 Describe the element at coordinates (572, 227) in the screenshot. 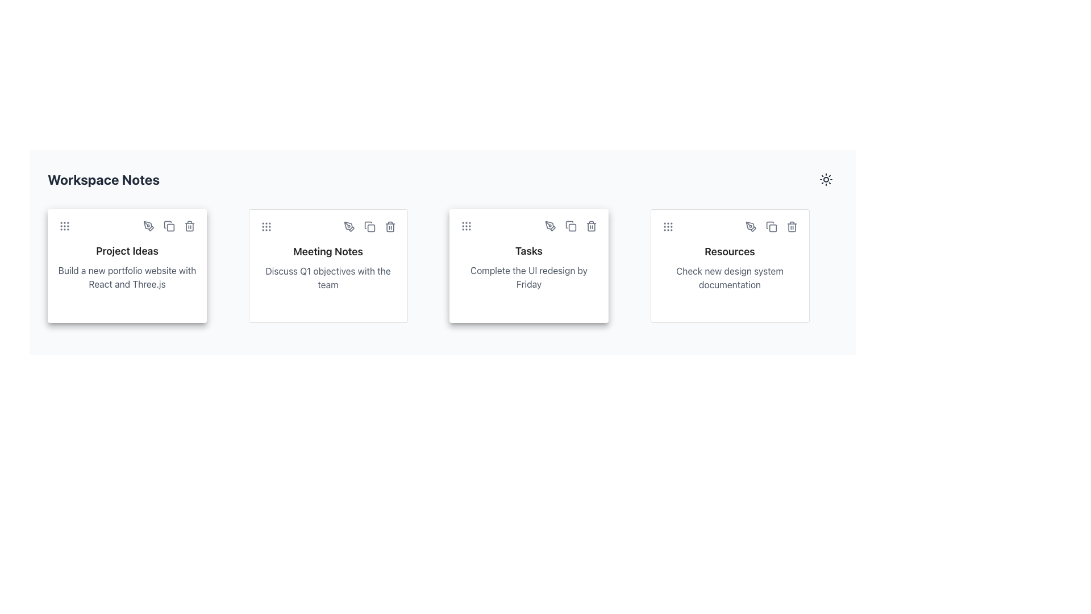

I see `the central rectangular icon with rounded corners located above the text 'Tasks' in the interface` at that location.